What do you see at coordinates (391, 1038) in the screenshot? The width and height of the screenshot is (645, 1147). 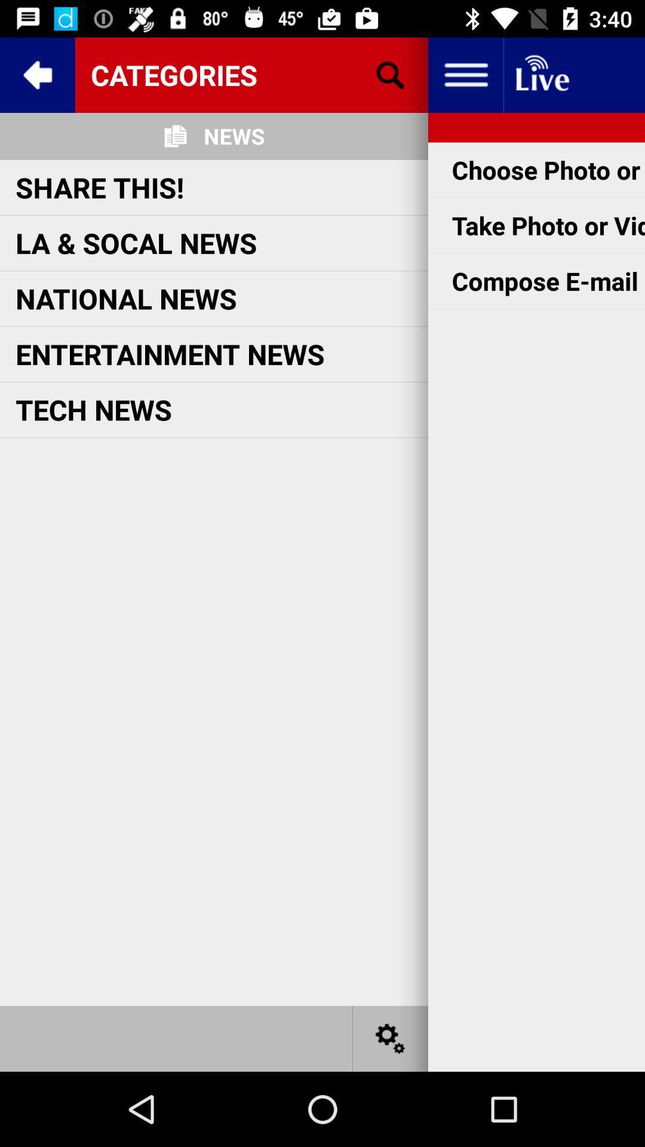 I see `he can activate the simple voice command` at bounding box center [391, 1038].